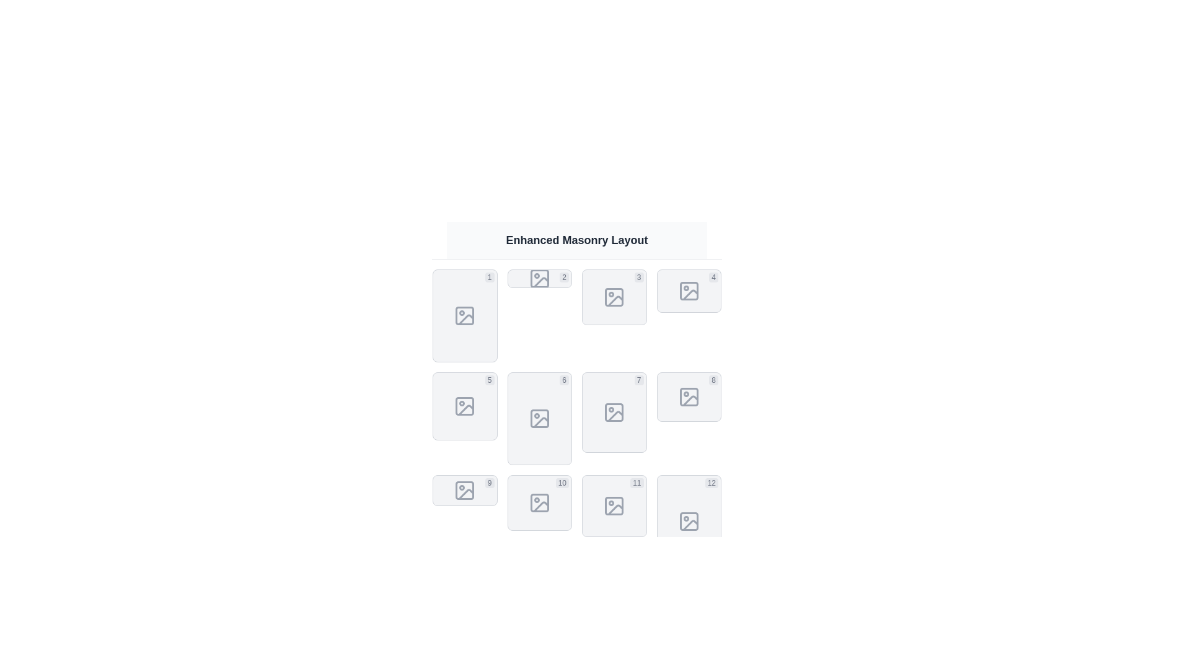  What do you see at coordinates (539, 418) in the screenshot?
I see `the grid cell that visually represents item number '6' in the second row and second column of the grid layout` at bounding box center [539, 418].